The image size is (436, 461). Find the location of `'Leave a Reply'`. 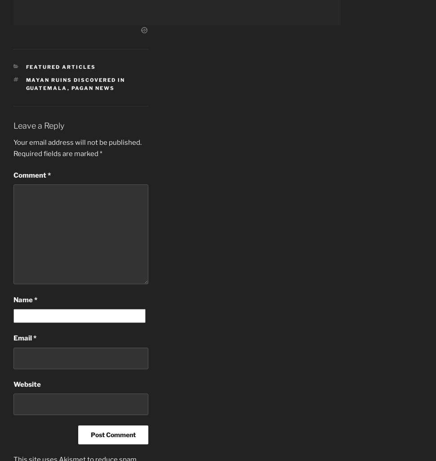

'Leave a Reply' is located at coordinates (38, 125).